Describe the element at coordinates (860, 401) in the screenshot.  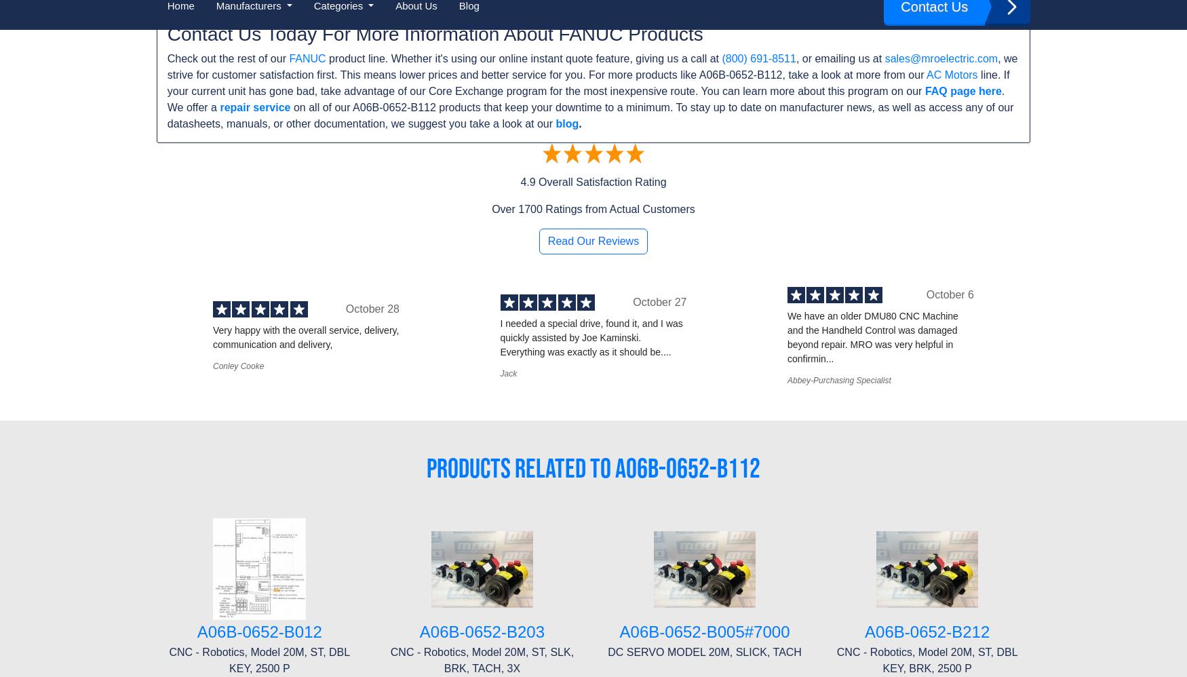
I see `'(800) 691-8511'` at that location.